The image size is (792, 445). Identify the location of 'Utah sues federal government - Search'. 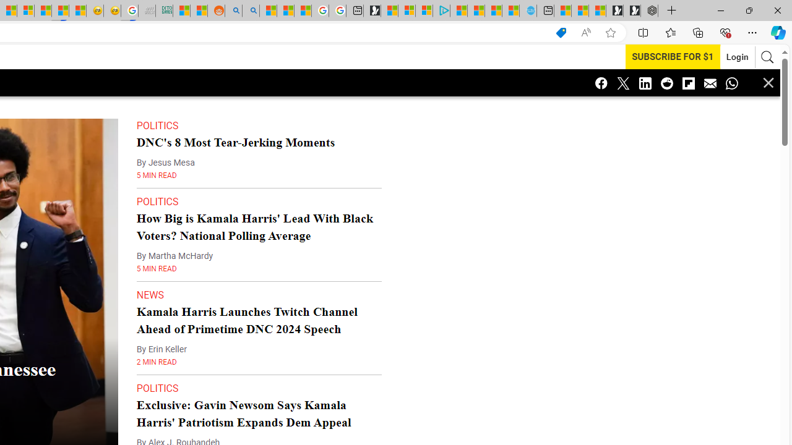
(250, 11).